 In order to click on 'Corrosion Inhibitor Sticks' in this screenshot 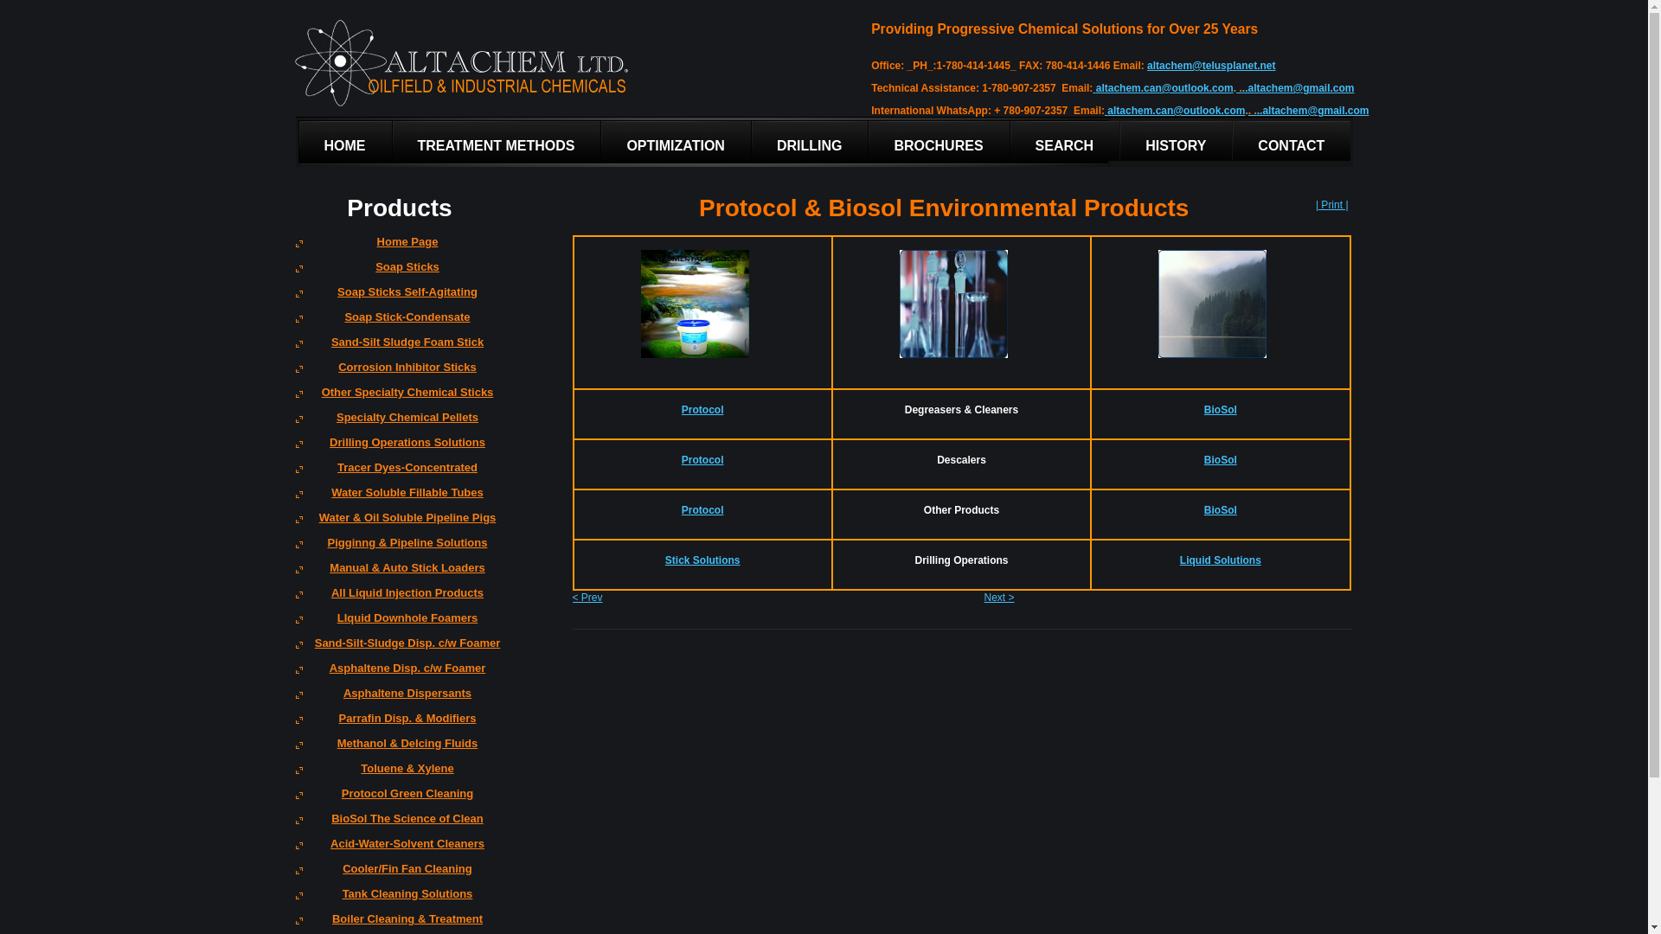, I will do `click(399, 372)`.